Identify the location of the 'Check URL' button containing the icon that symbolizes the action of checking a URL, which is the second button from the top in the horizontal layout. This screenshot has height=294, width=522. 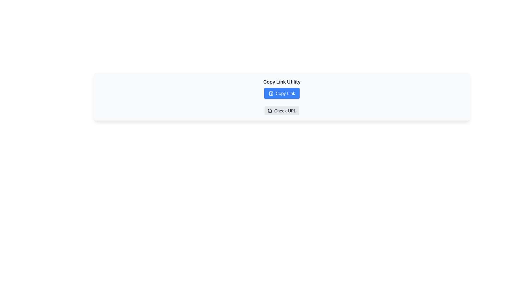
(270, 111).